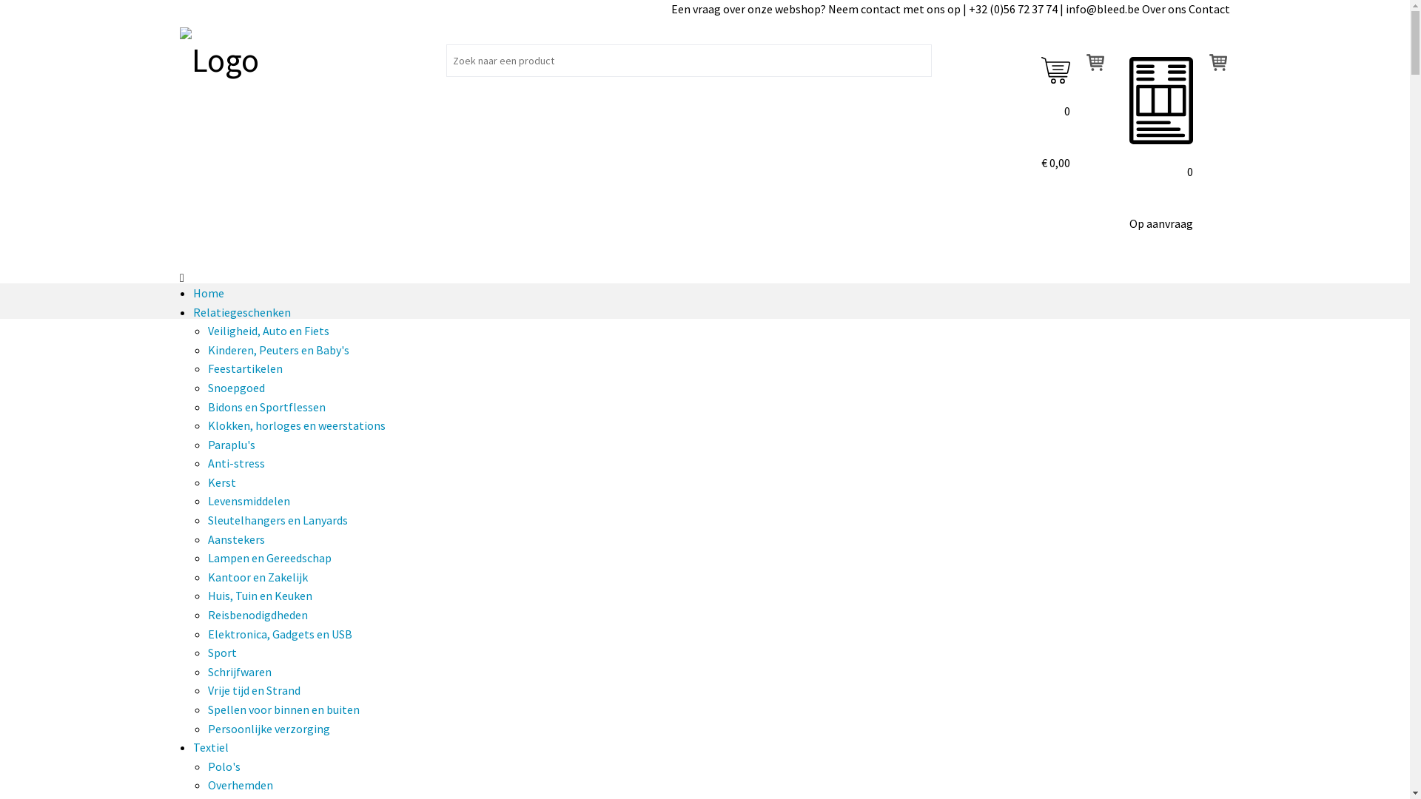  Describe the element at coordinates (1163, 8) in the screenshot. I see `'Over ons'` at that location.